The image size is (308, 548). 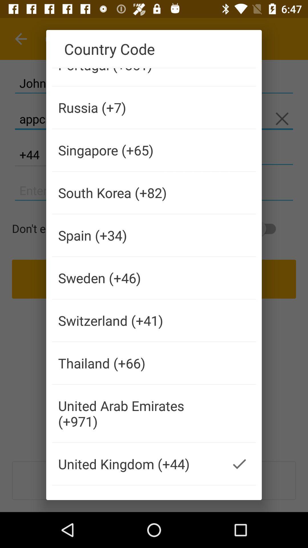 What do you see at coordinates (137, 77) in the screenshot?
I see `the item above russia (+7)` at bounding box center [137, 77].